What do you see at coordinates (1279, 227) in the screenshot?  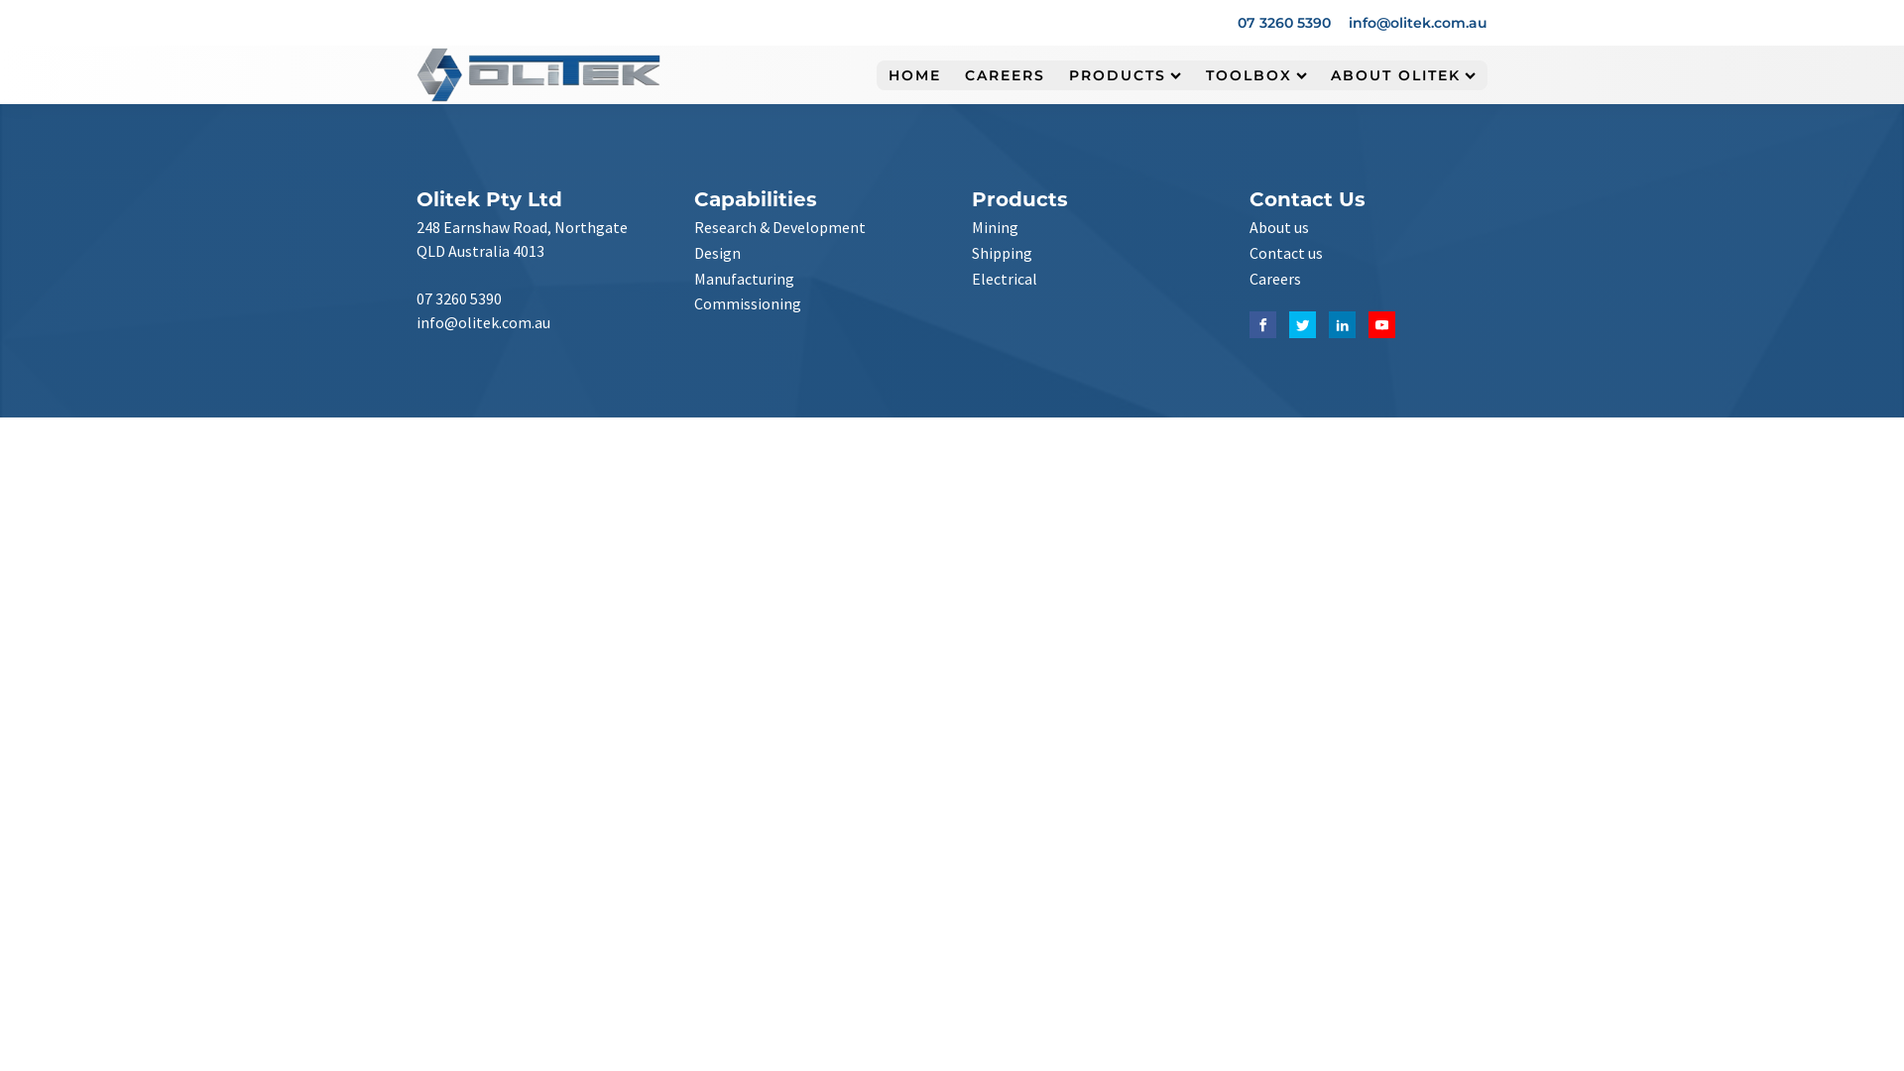 I see `'About us'` at bounding box center [1279, 227].